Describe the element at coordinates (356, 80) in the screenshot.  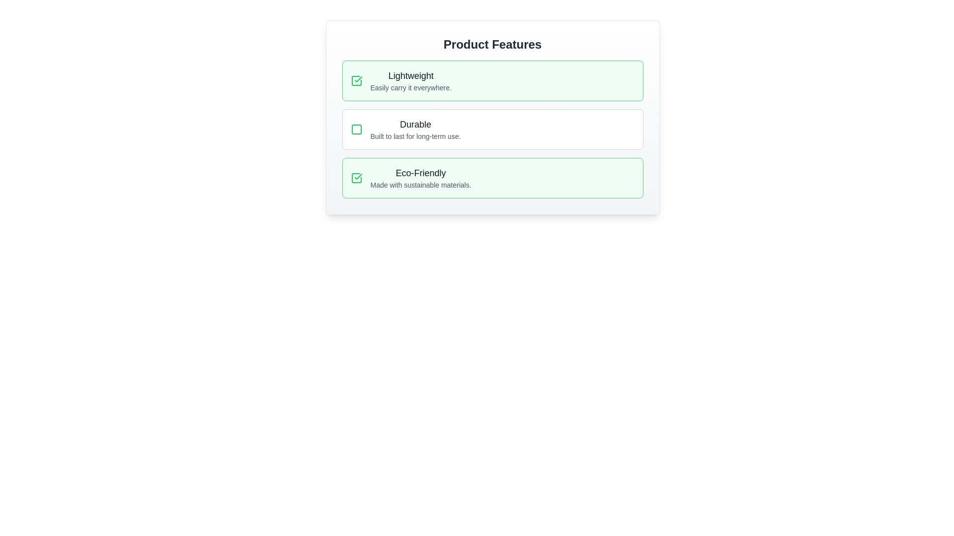
I see `the green square icon with rounded corners containing a checkmark symbol, located in the first box under the 'Product Features' heading titled 'Lightweight'` at that location.